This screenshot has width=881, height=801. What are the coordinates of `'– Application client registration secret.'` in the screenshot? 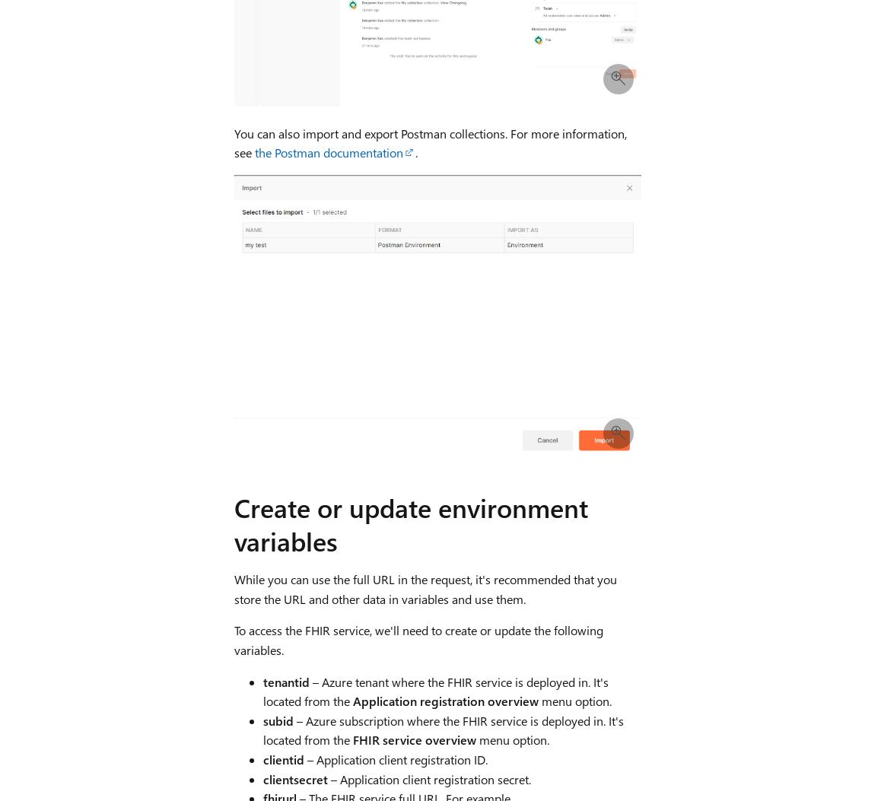 It's located at (428, 777).